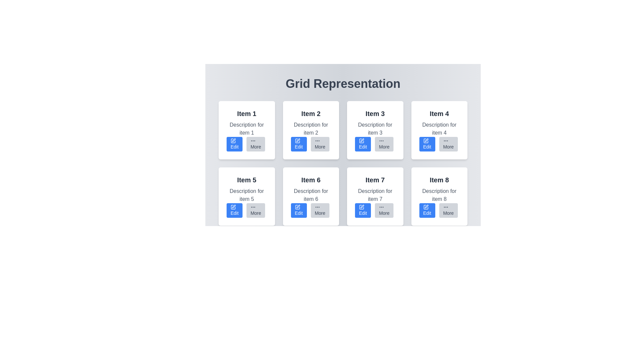 This screenshot has height=358, width=637. What do you see at coordinates (235, 144) in the screenshot?
I see `the edit button located in the first card titled 'Item 1'` at bounding box center [235, 144].